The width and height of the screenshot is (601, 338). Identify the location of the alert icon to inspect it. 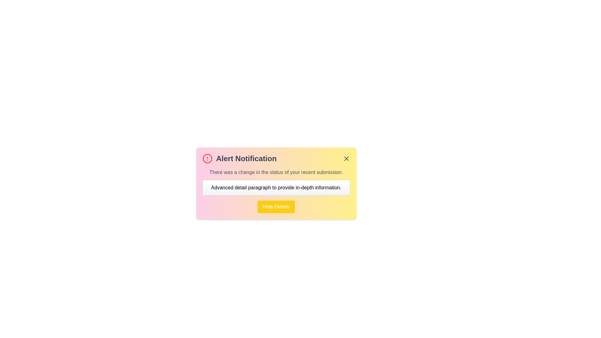
(207, 158).